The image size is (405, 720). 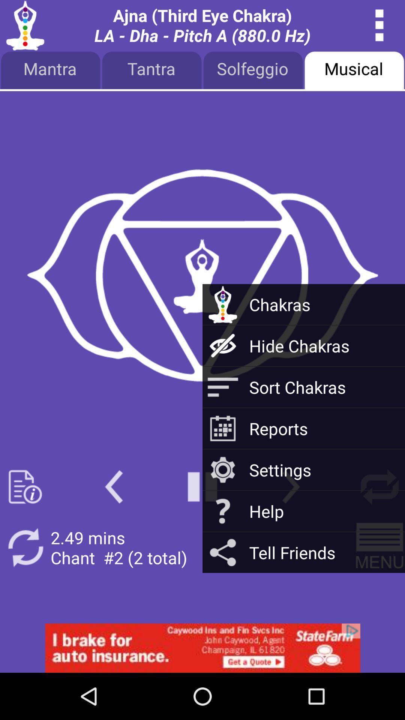 What do you see at coordinates (25, 487) in the screenshot?
I see `more information` at bounding box center [25, 487].